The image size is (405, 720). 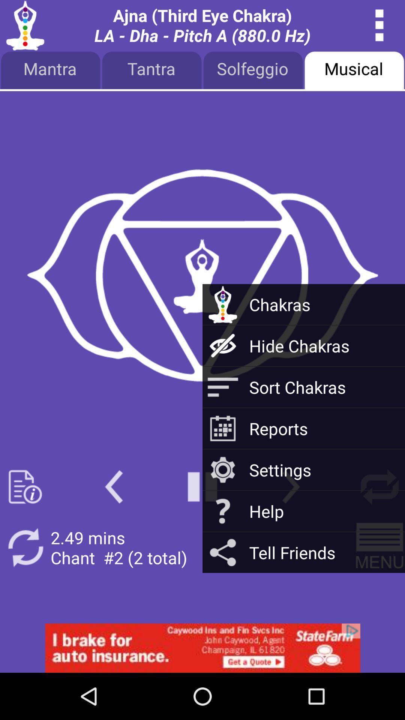 What do you see at coordinates (25, 487) in the screenshot?
I see `more information` at bounding box center [25, 487].